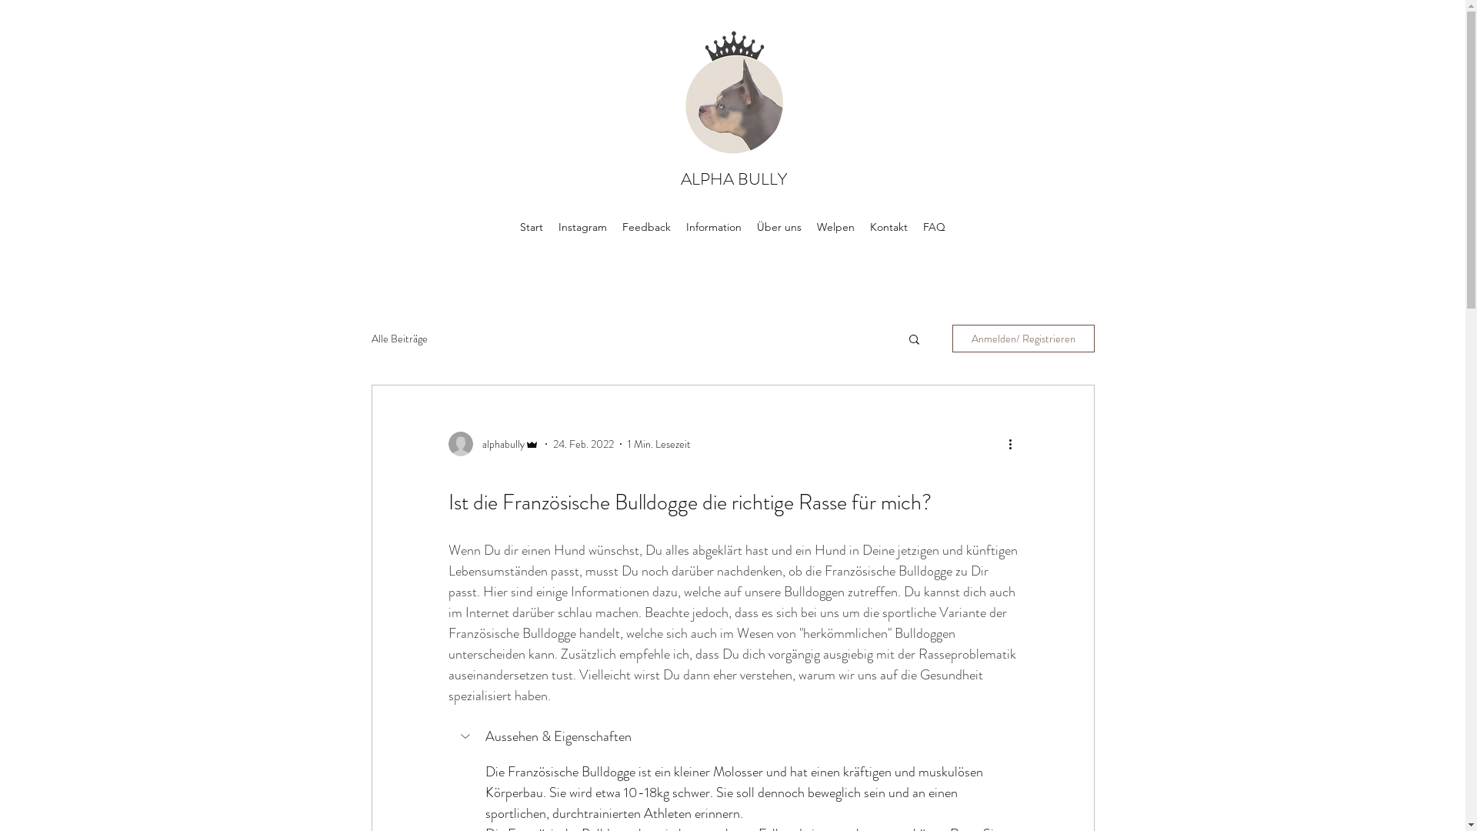 Image resolution: width=1477 pixels, height=831 pixels. I want to click on 'Feedback', so click(646, 226).